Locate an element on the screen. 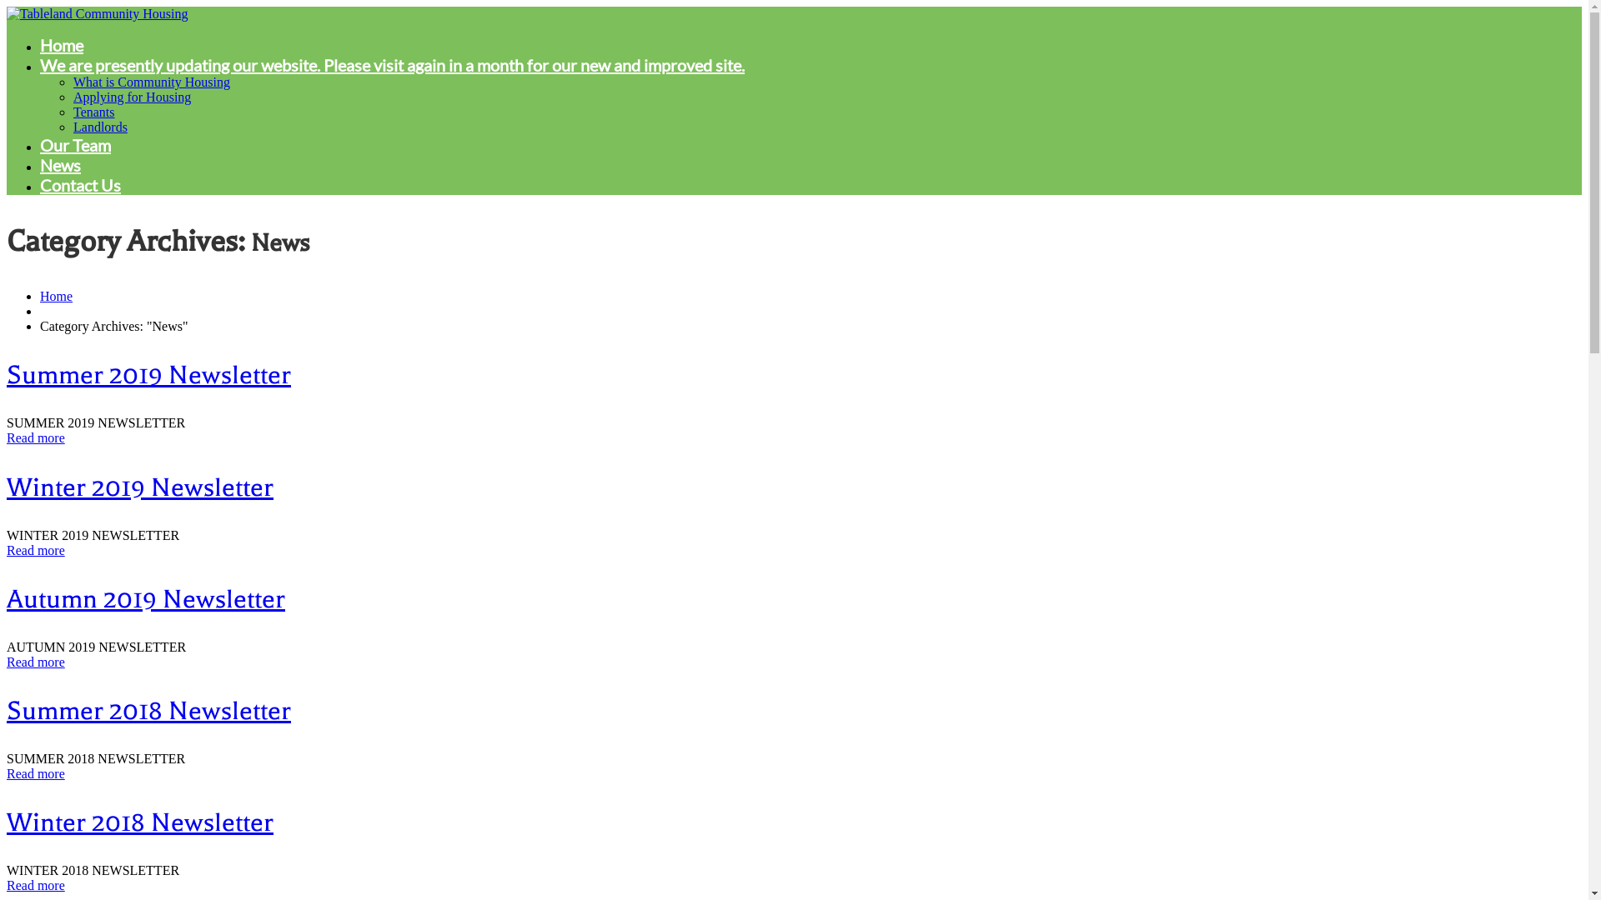 Image resolution: width=1601 pixels, height=900 pixels. 'Contact Us' is located at coordinates (79, 185).